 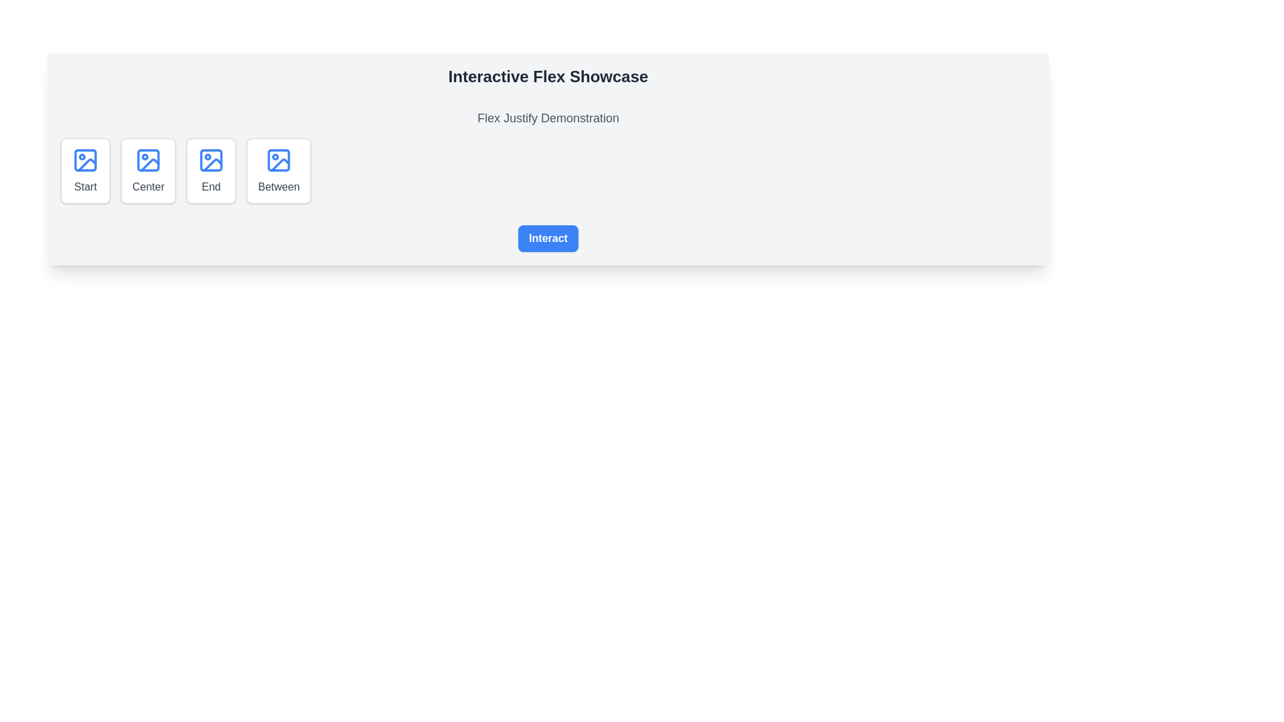 What do you see at coordinates (85, 159) in the screenshot?
I see `the blue icon representing an image with a circular detail and diagonal line, which is part of the 'Start' button UI component` at bounding box center [85, 159].